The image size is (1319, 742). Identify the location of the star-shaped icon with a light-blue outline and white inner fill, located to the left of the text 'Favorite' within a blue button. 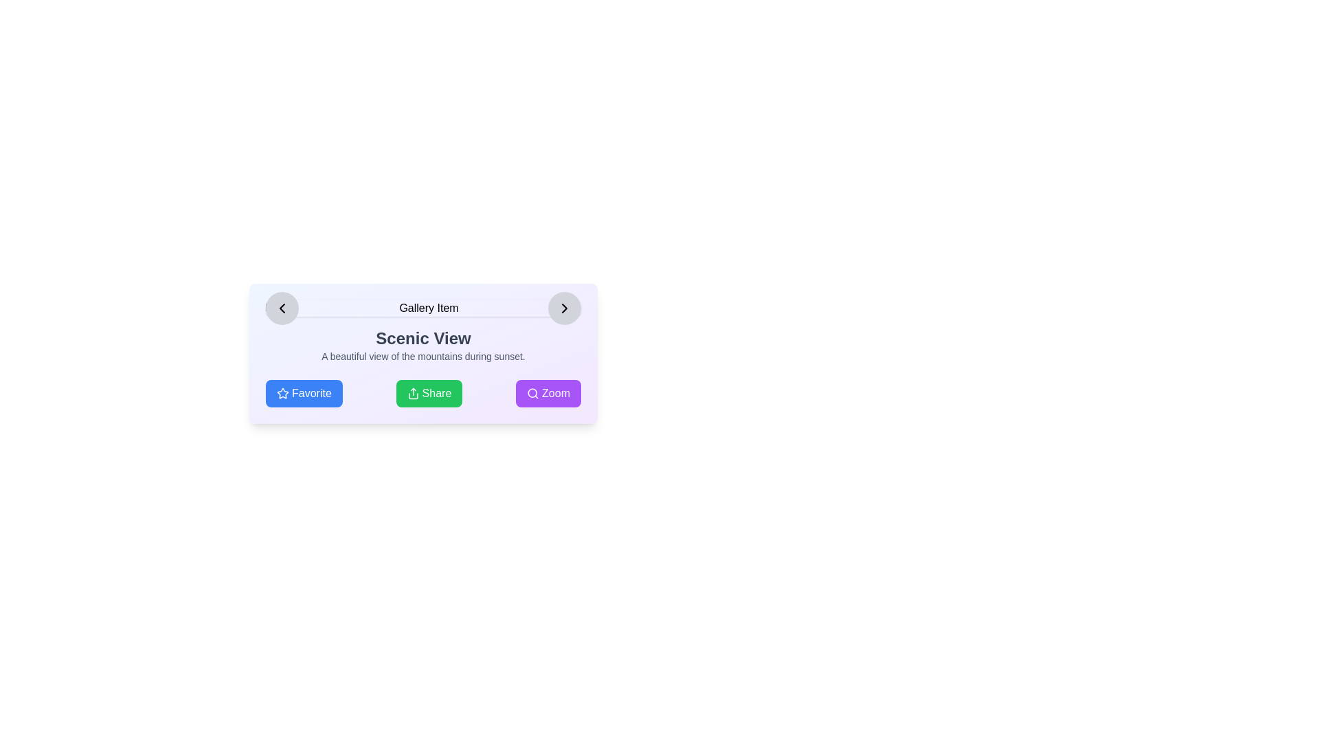
(282, 394).